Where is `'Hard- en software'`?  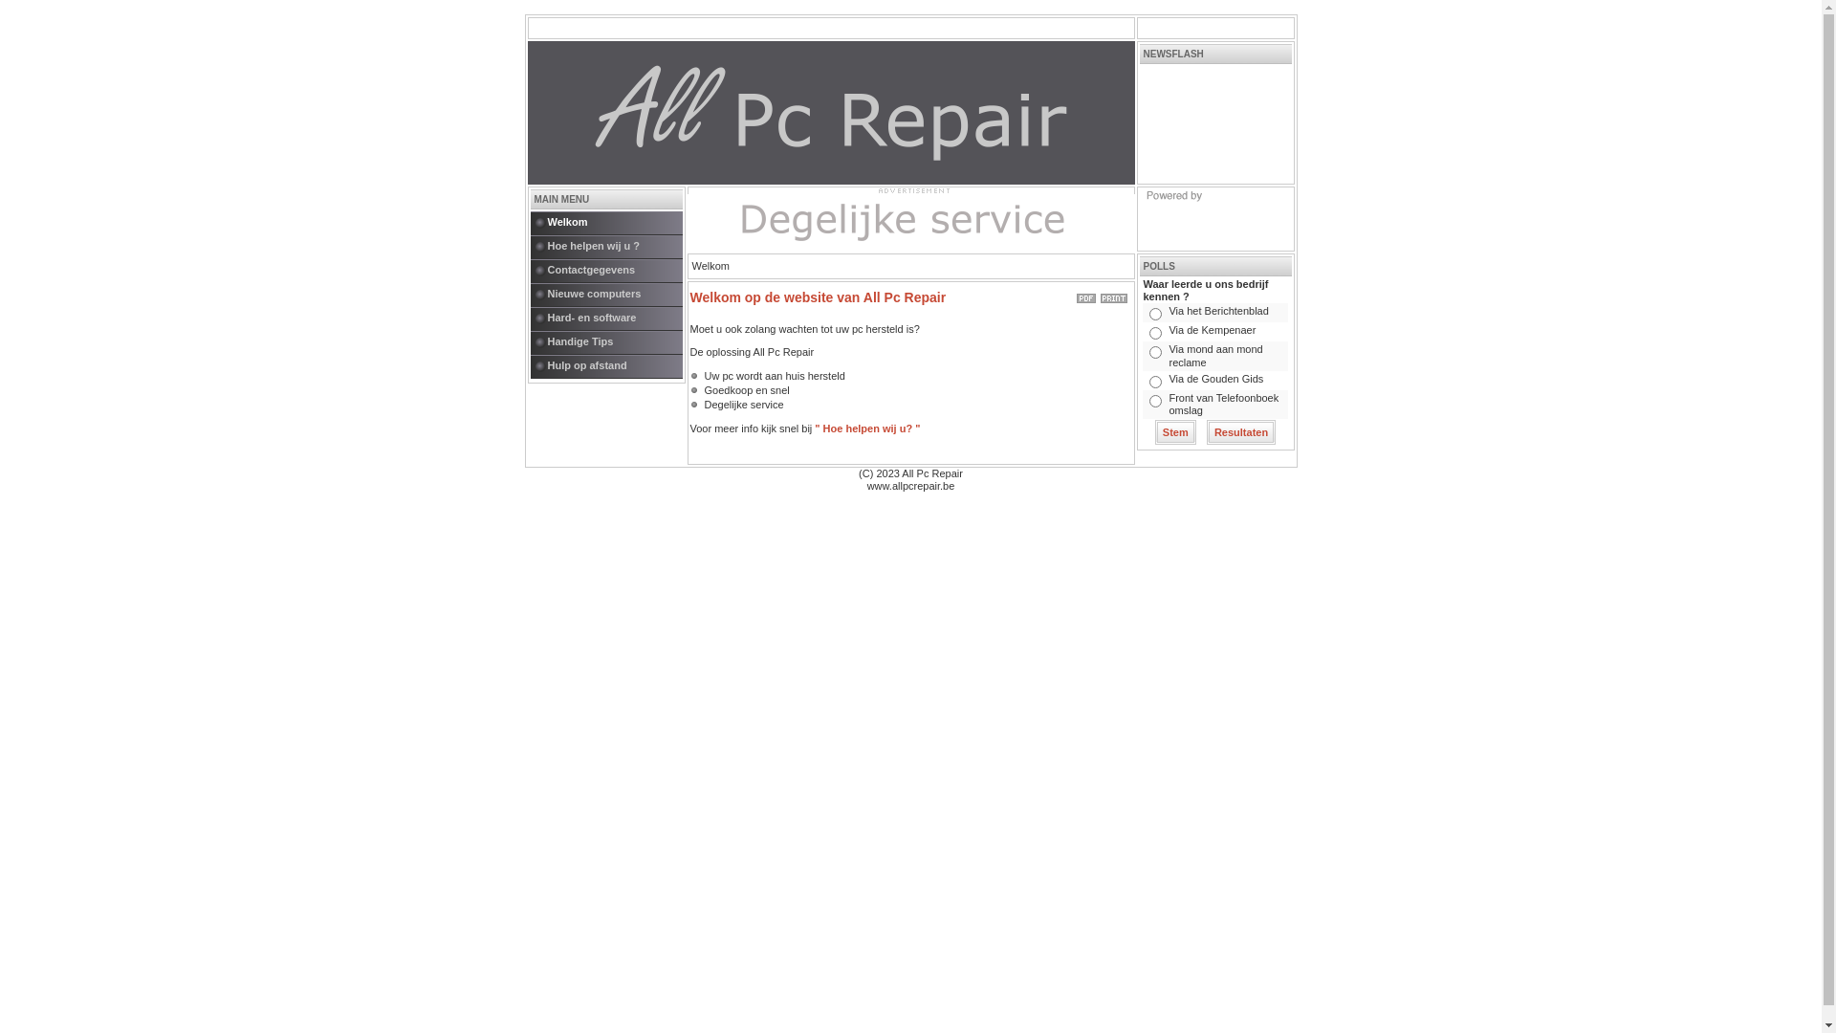
'Hard- en software' is located at coordinates (614, 318).